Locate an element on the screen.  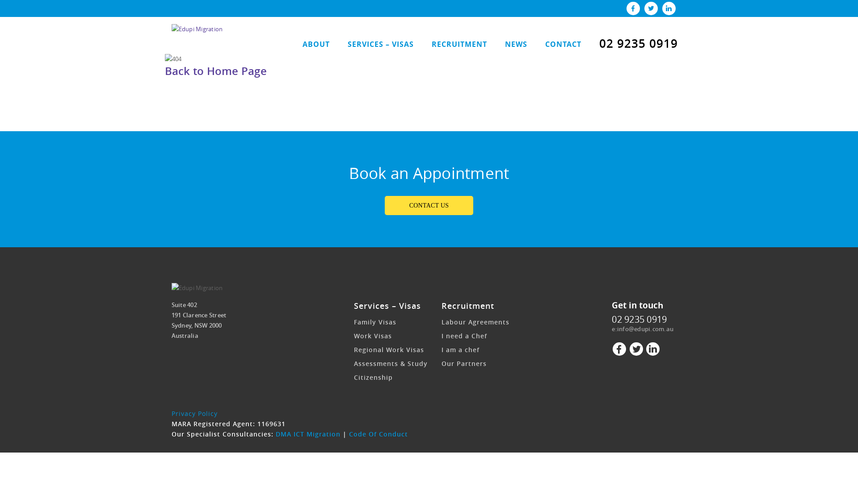
'I am a chef' is located at coordinates (460, 349).